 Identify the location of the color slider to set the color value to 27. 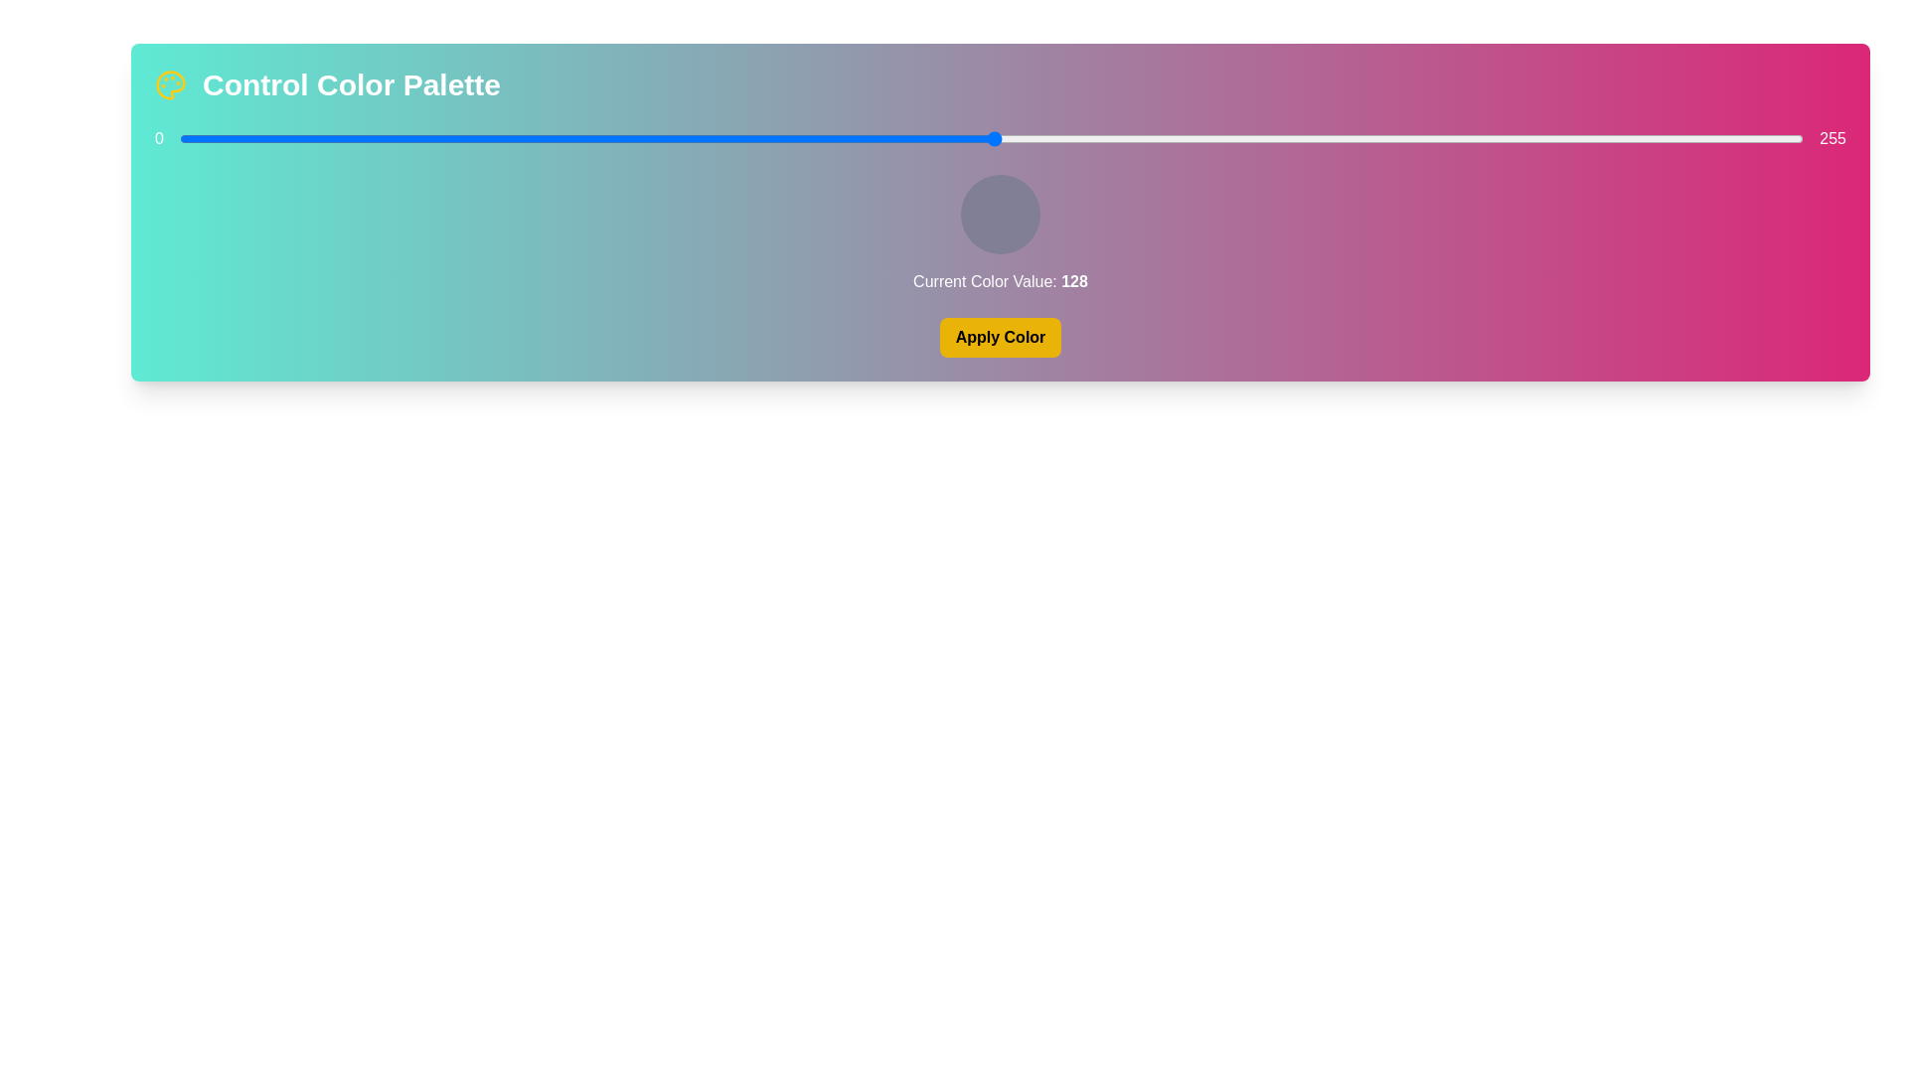
(352, 137).